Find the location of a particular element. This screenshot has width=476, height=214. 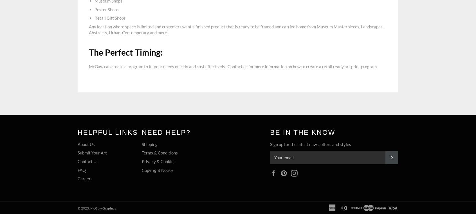

'The Perfect Timing:' is located at coordinates (125, 52).